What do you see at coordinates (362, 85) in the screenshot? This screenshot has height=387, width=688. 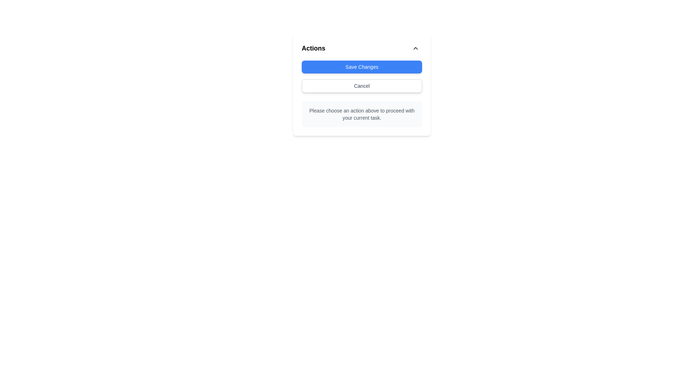 I see `the 'Cancel' button, which is a rectangular button with gray text on a white background, located below the 'Save Changes' button` at bounding box center [362, 85].